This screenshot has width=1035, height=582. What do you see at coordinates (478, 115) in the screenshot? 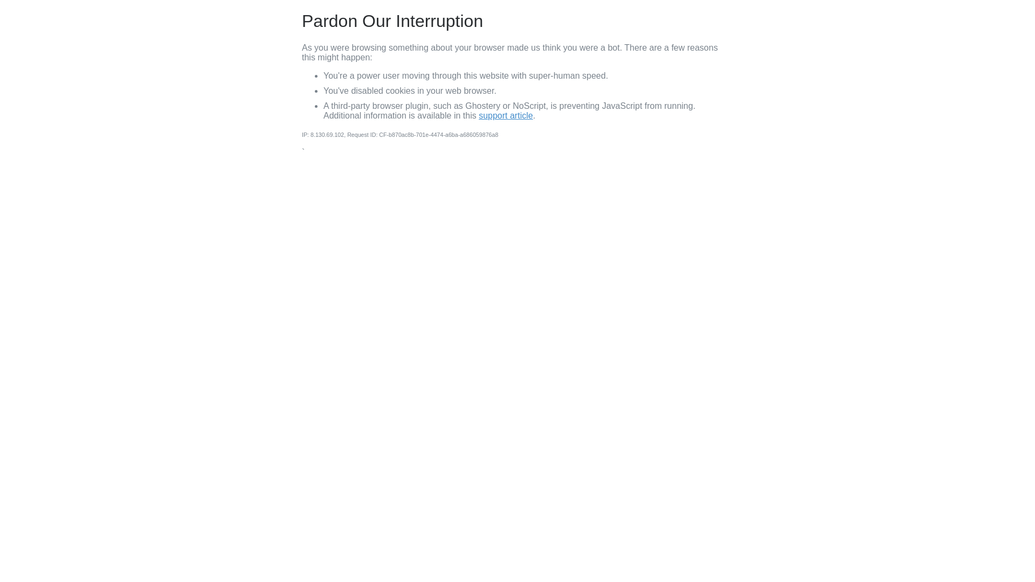
I see `'support article'` at bounding box center [478, 115].